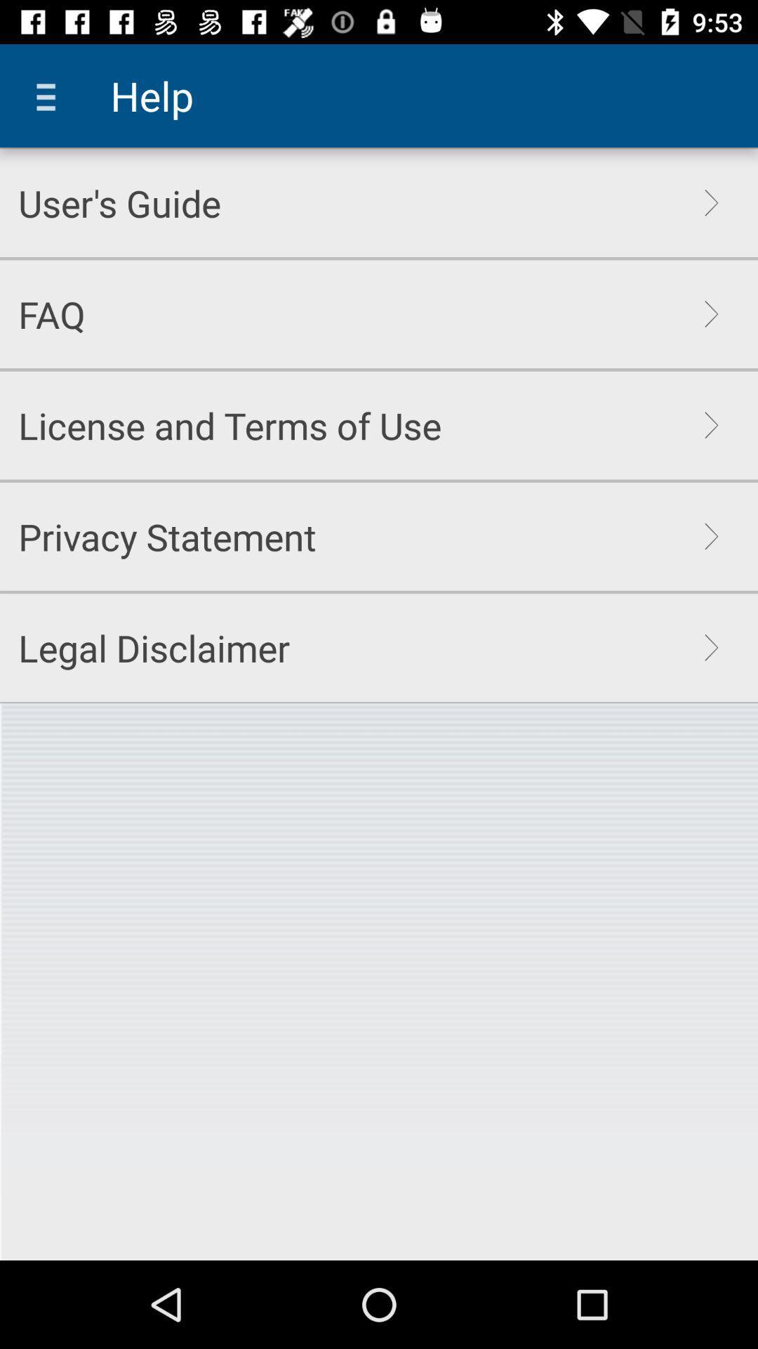 The width and height of the screenshot is (758, 1349). Describe the element at coordinates (51, 95) in the screenshot. I see `item next to the help icon` at that location.